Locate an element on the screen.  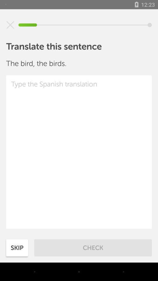
type in words for translation is located at coordinates (79, 152).